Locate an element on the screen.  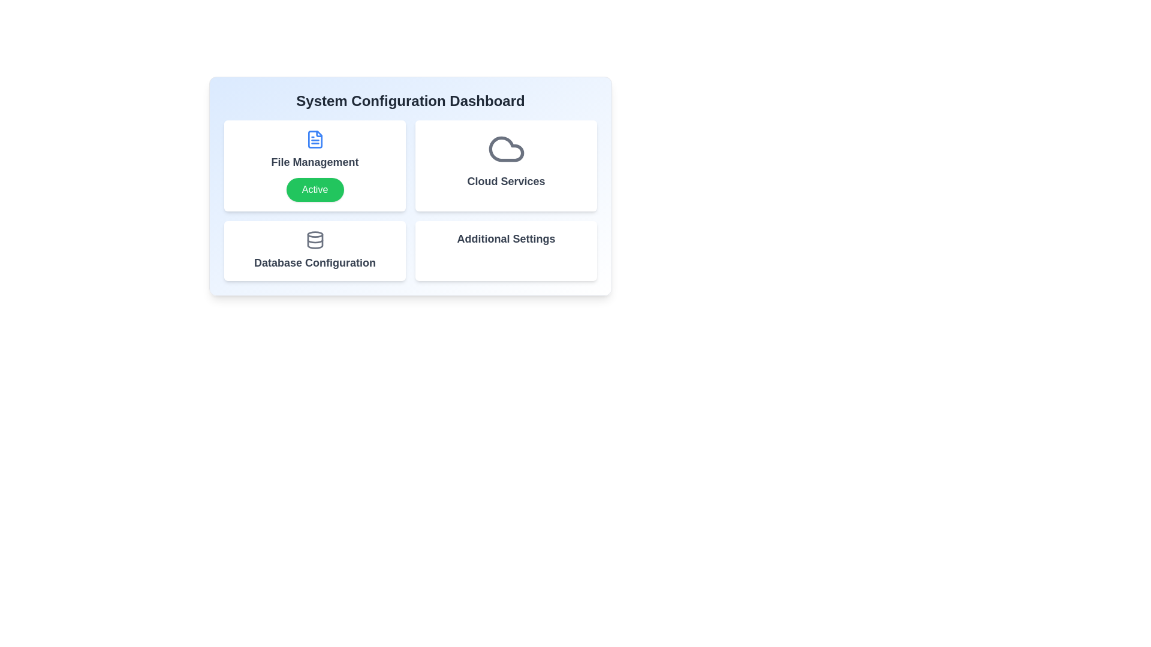
the bottom horizontal elliptical line of the database icon in the 'Database Configuration' section, located under the 'System Configuration Dashboard' is located at coordinates (315, 241).